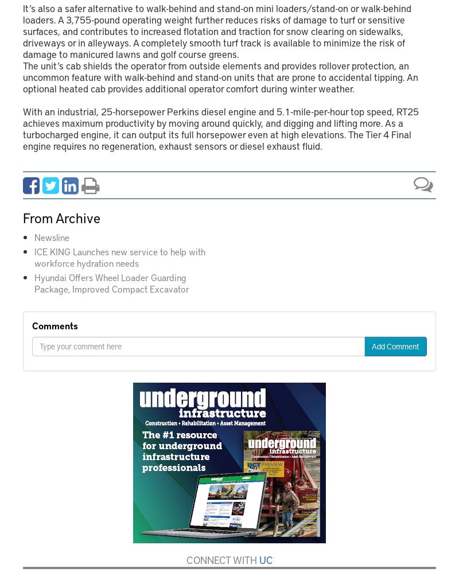 The height and width of the screenshot is (576, 459). What do you see at coordinates (395, 345) in the screenshot?
I see `'Add Comment'` at bounding box center [395, 345].